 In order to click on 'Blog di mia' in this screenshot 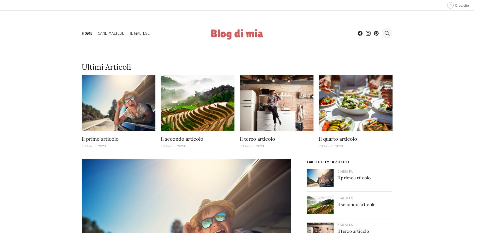, I will do `click(210, 33)`.